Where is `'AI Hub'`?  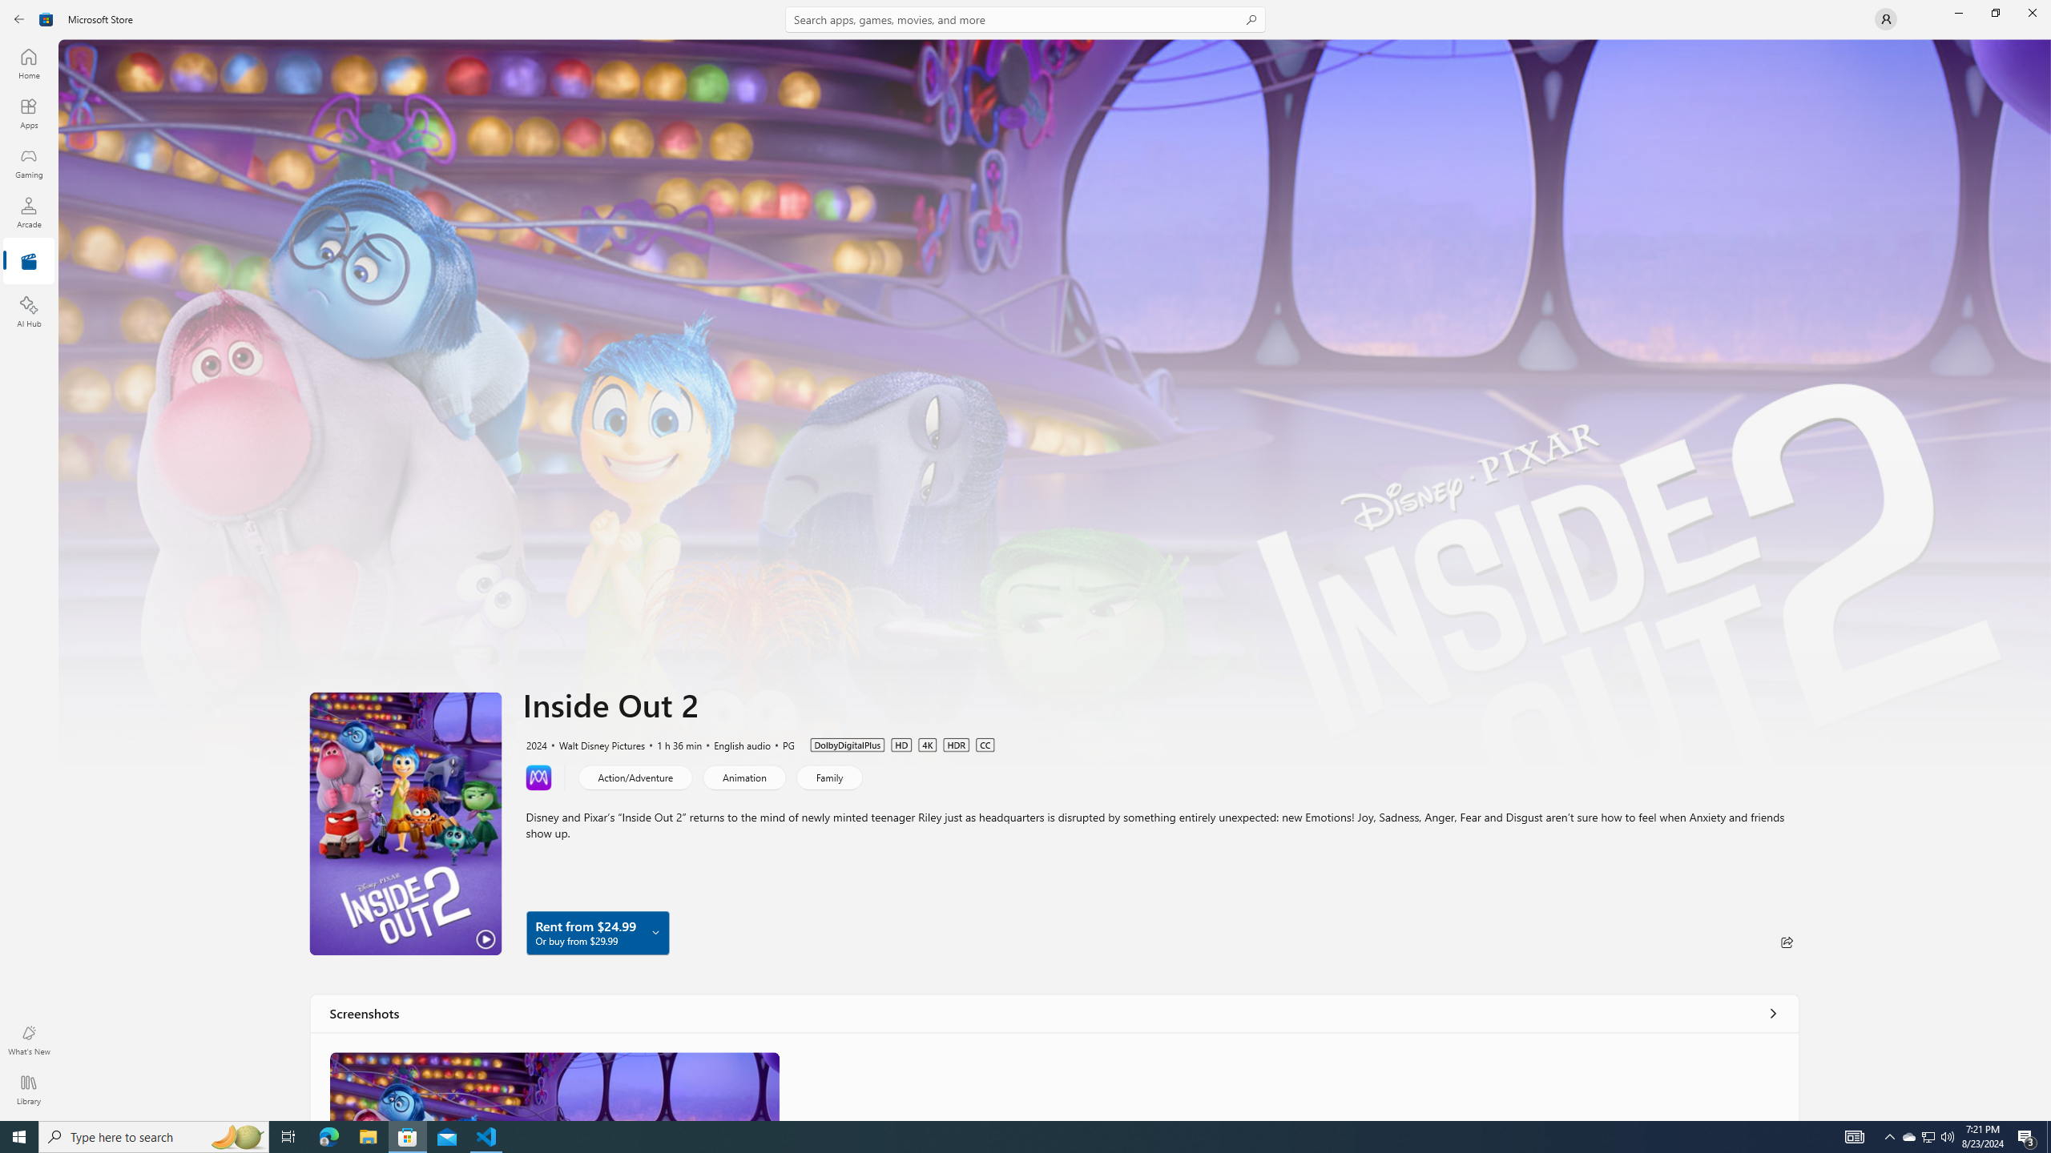 'AI Hub' is located at coordinates (27, 311).